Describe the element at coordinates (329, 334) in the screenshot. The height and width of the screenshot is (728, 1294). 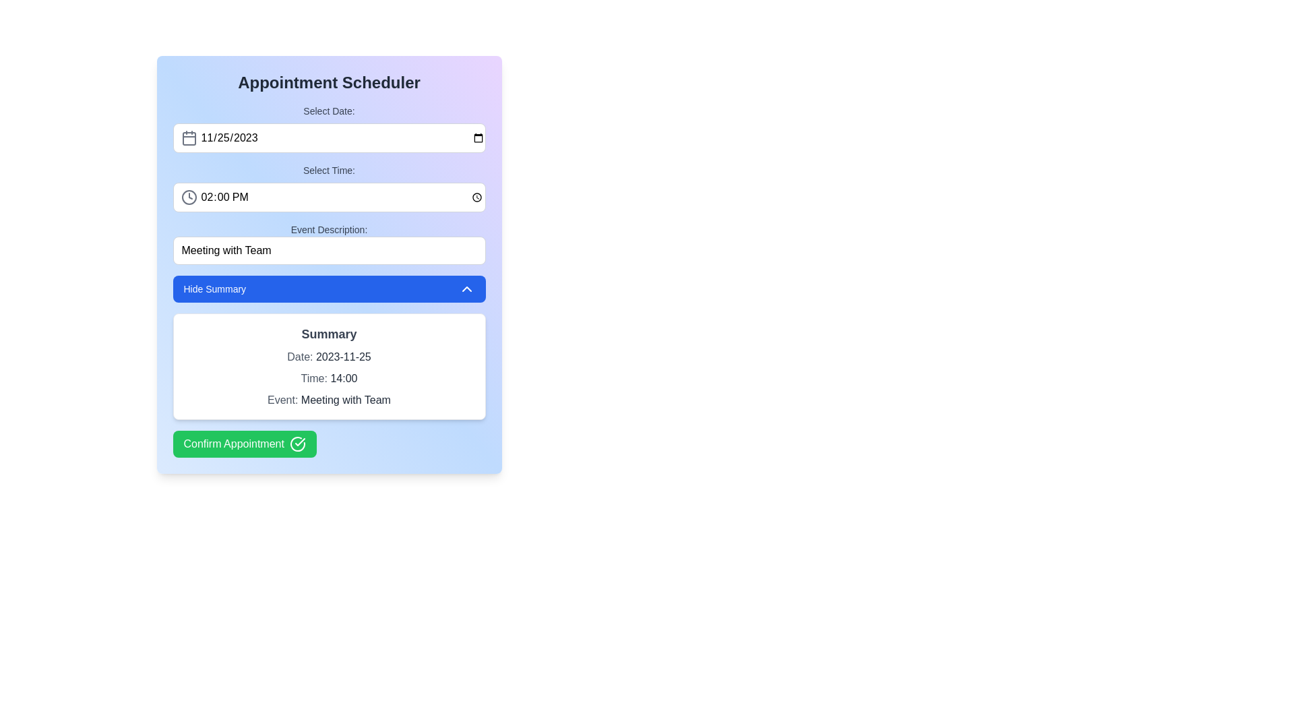
I see `the prominently styled 'Summary' text label located at the top of the section containing event details` at that location.